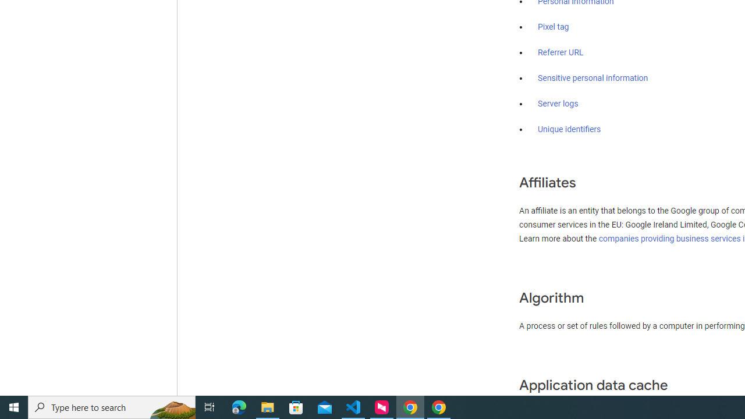  What do you see at coordinates (593, 79) in the screenshot?
I see `'Sensitive personal information'` at bounding box center [593, 79].